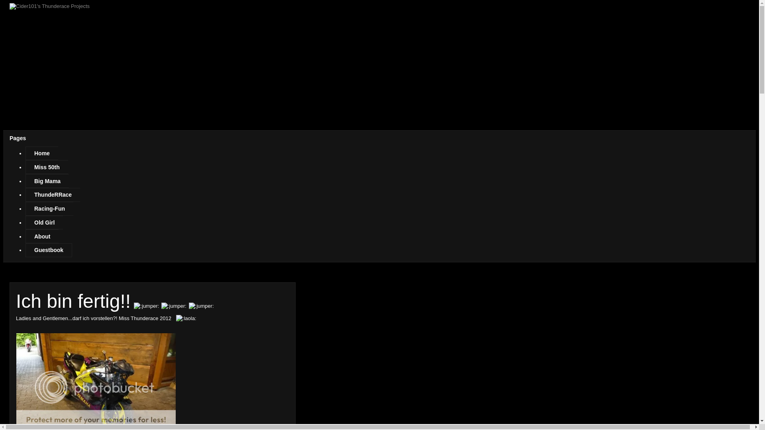 This screenshot has width=765, height=430. I want to click on 'Guestbook', so click(48, 250).